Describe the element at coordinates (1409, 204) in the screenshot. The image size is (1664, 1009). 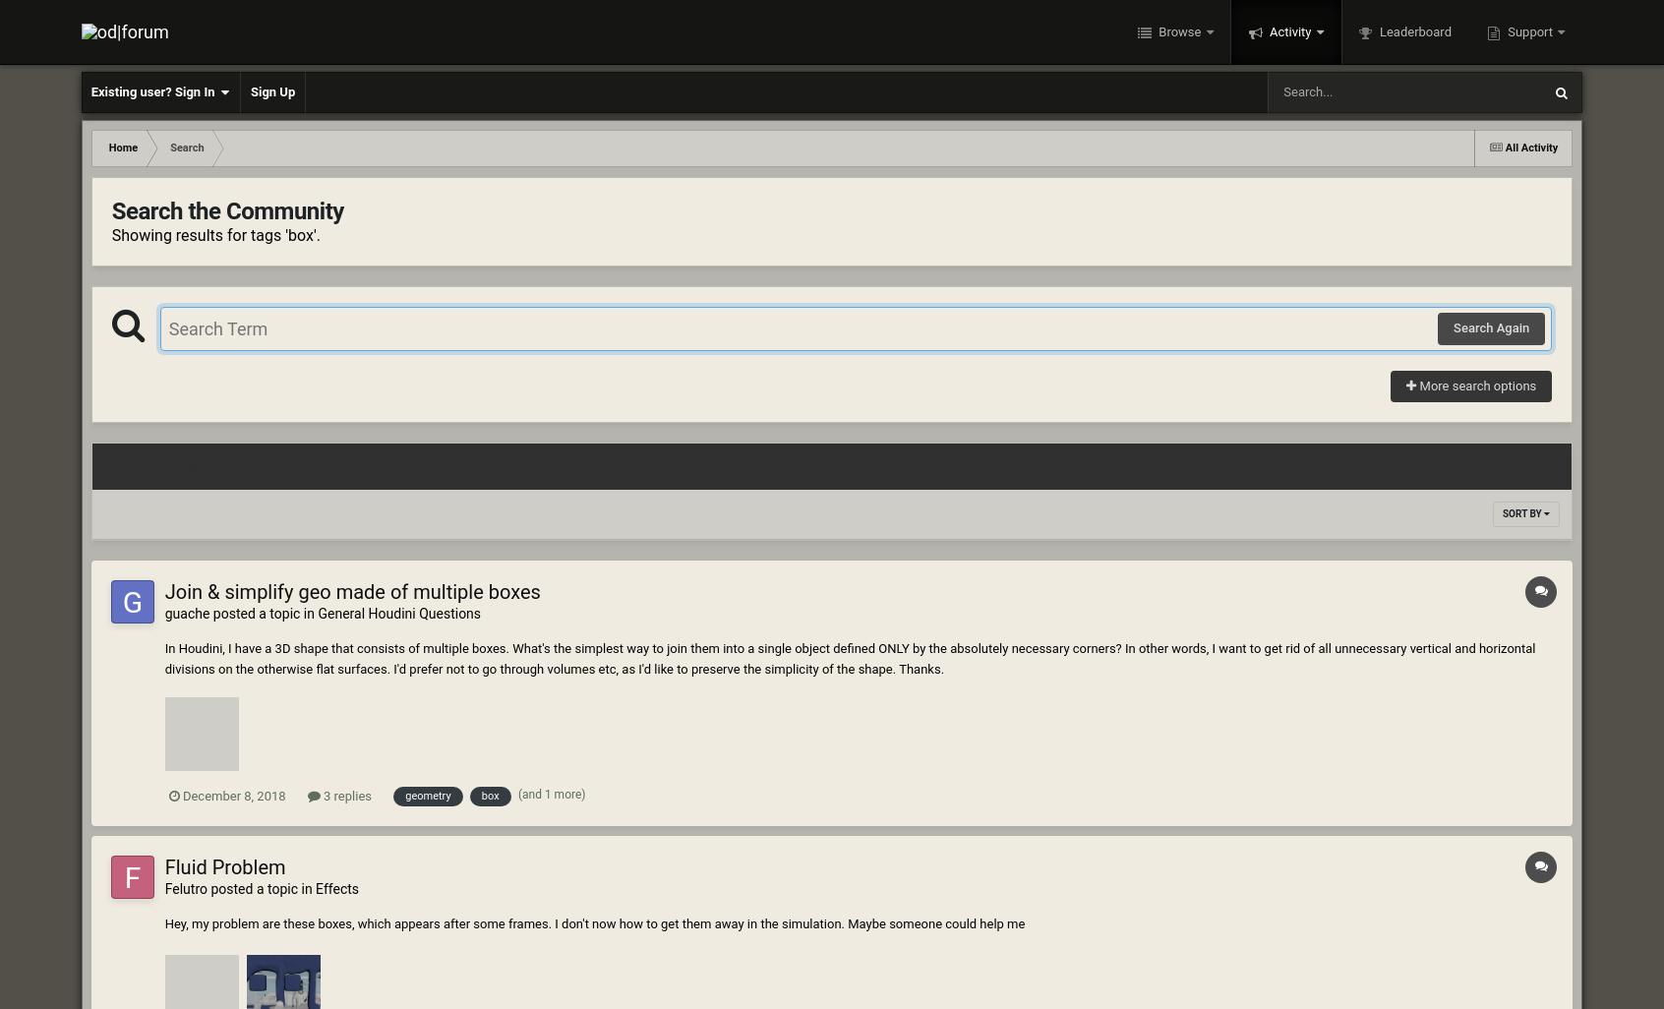
I see `'Topics'` at that location.